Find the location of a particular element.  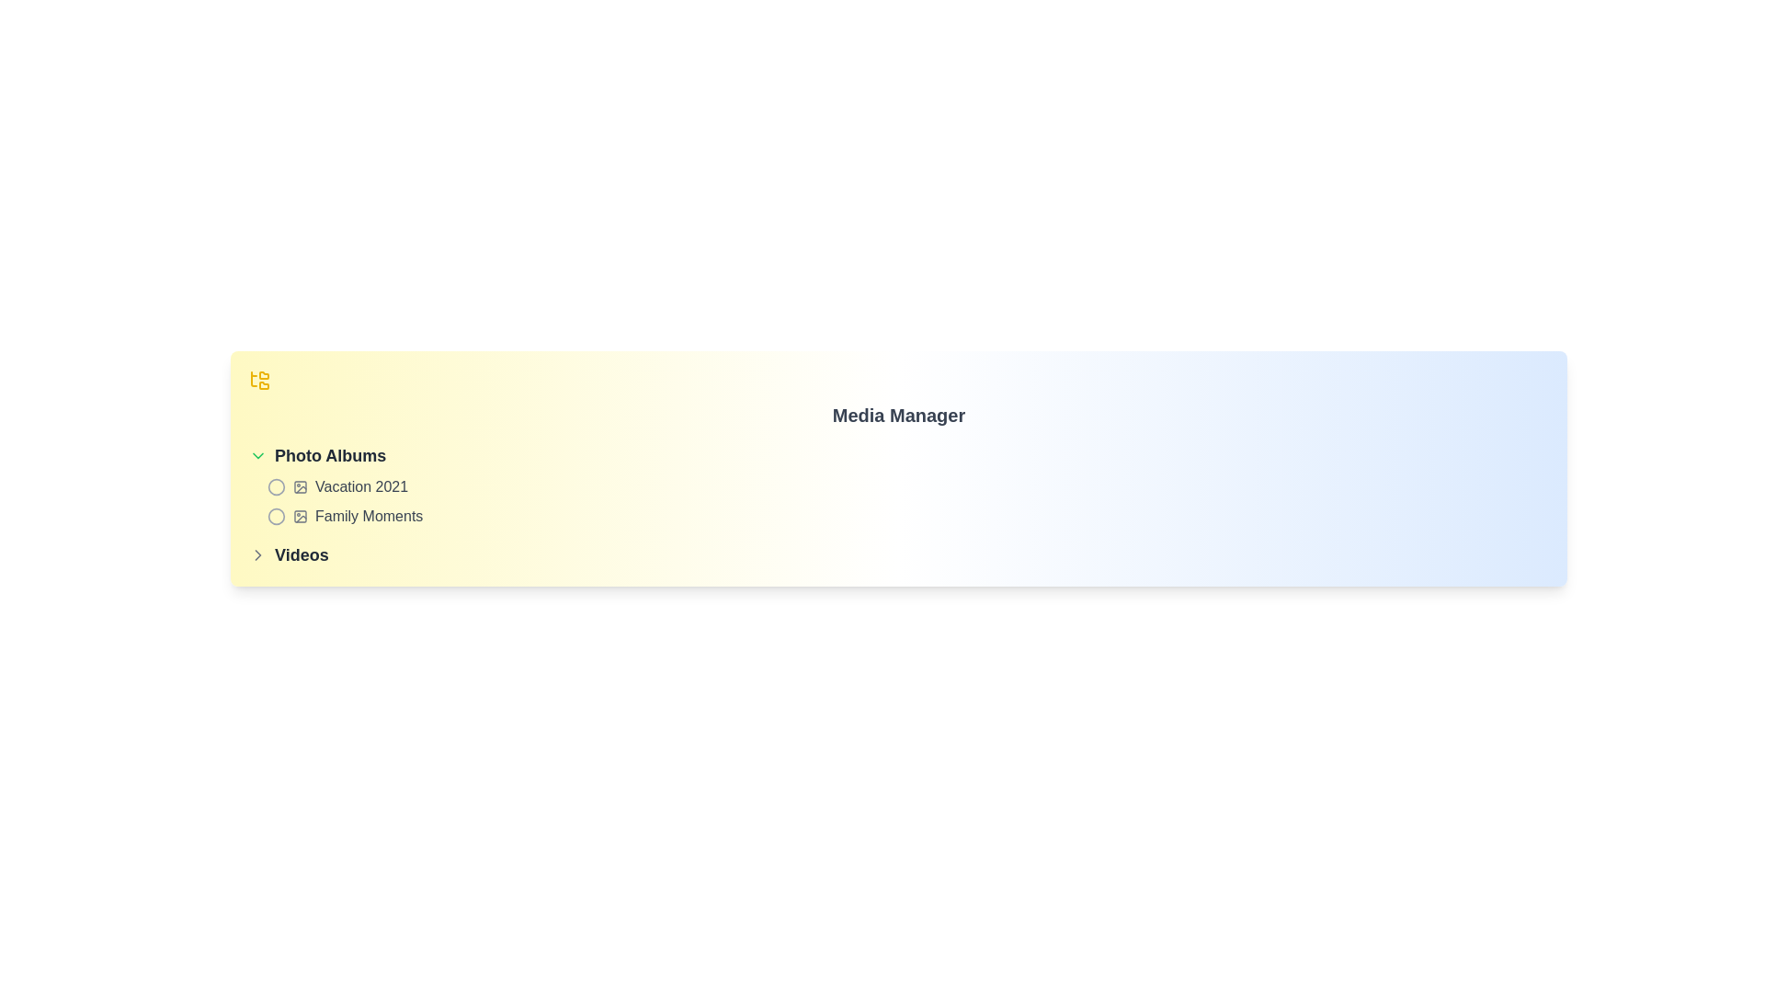

the state of the Icon (Circle) representing the 'Vacation 2021' album, positioned in the 'Photo Albums' section, aligned to the left of the album label is located at coordinates (276, 485).